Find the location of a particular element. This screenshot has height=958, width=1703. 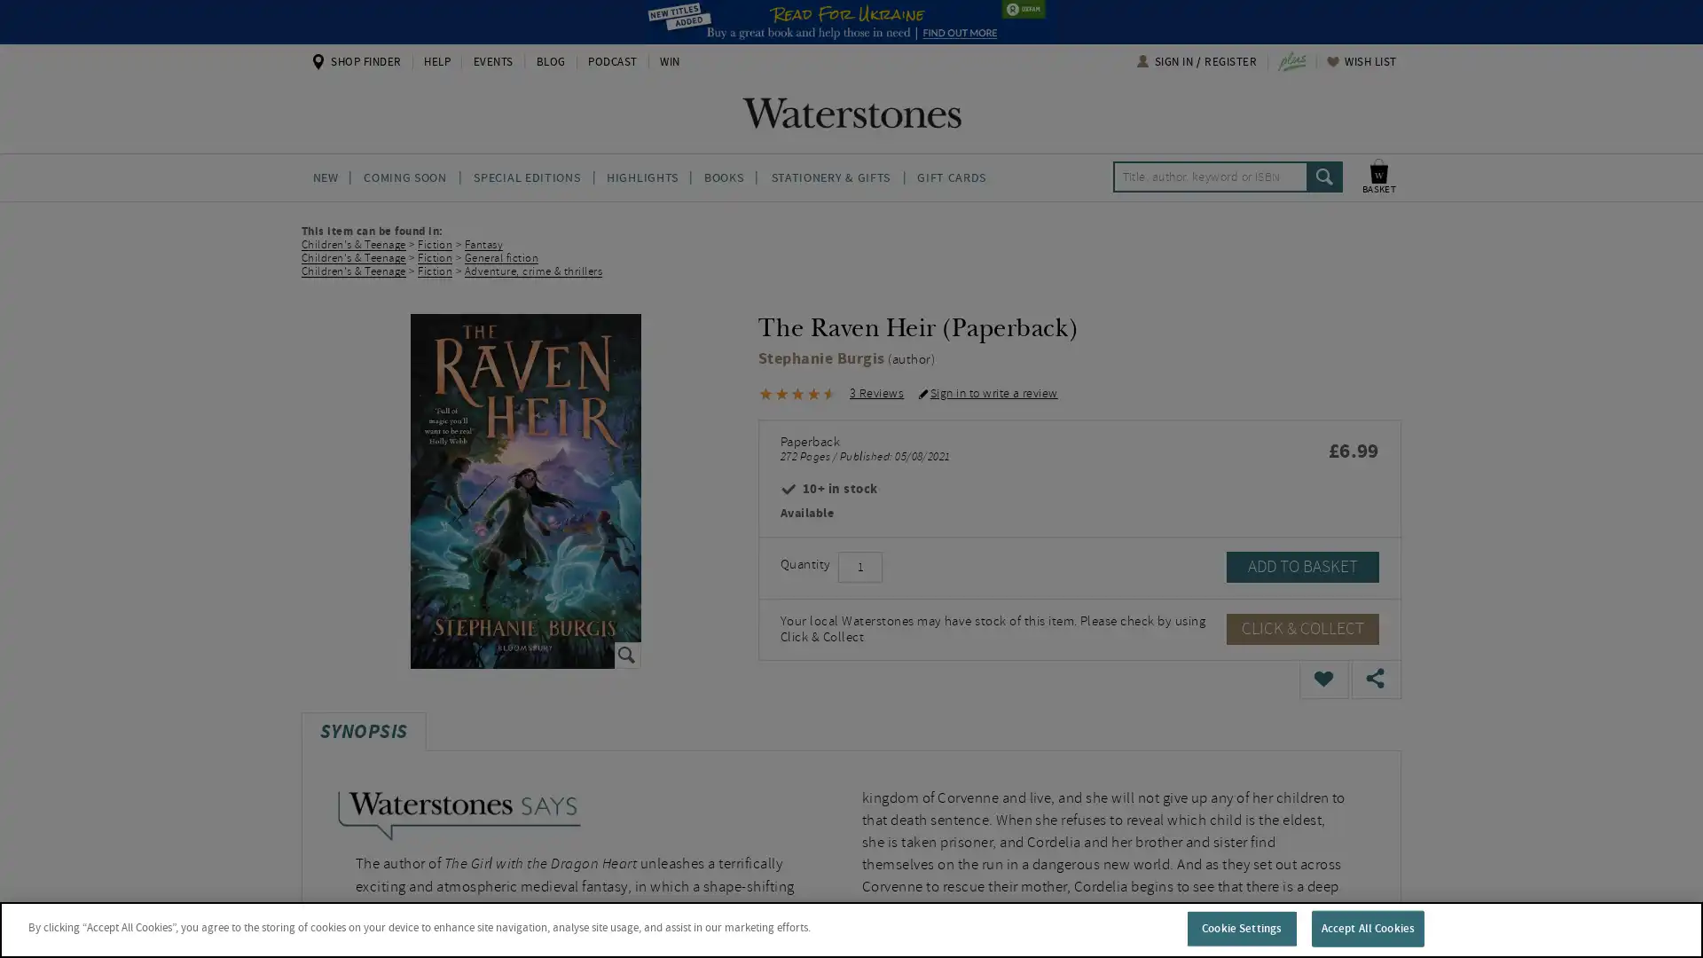

Accept All Cookies is located at coordinates (1366, 927).